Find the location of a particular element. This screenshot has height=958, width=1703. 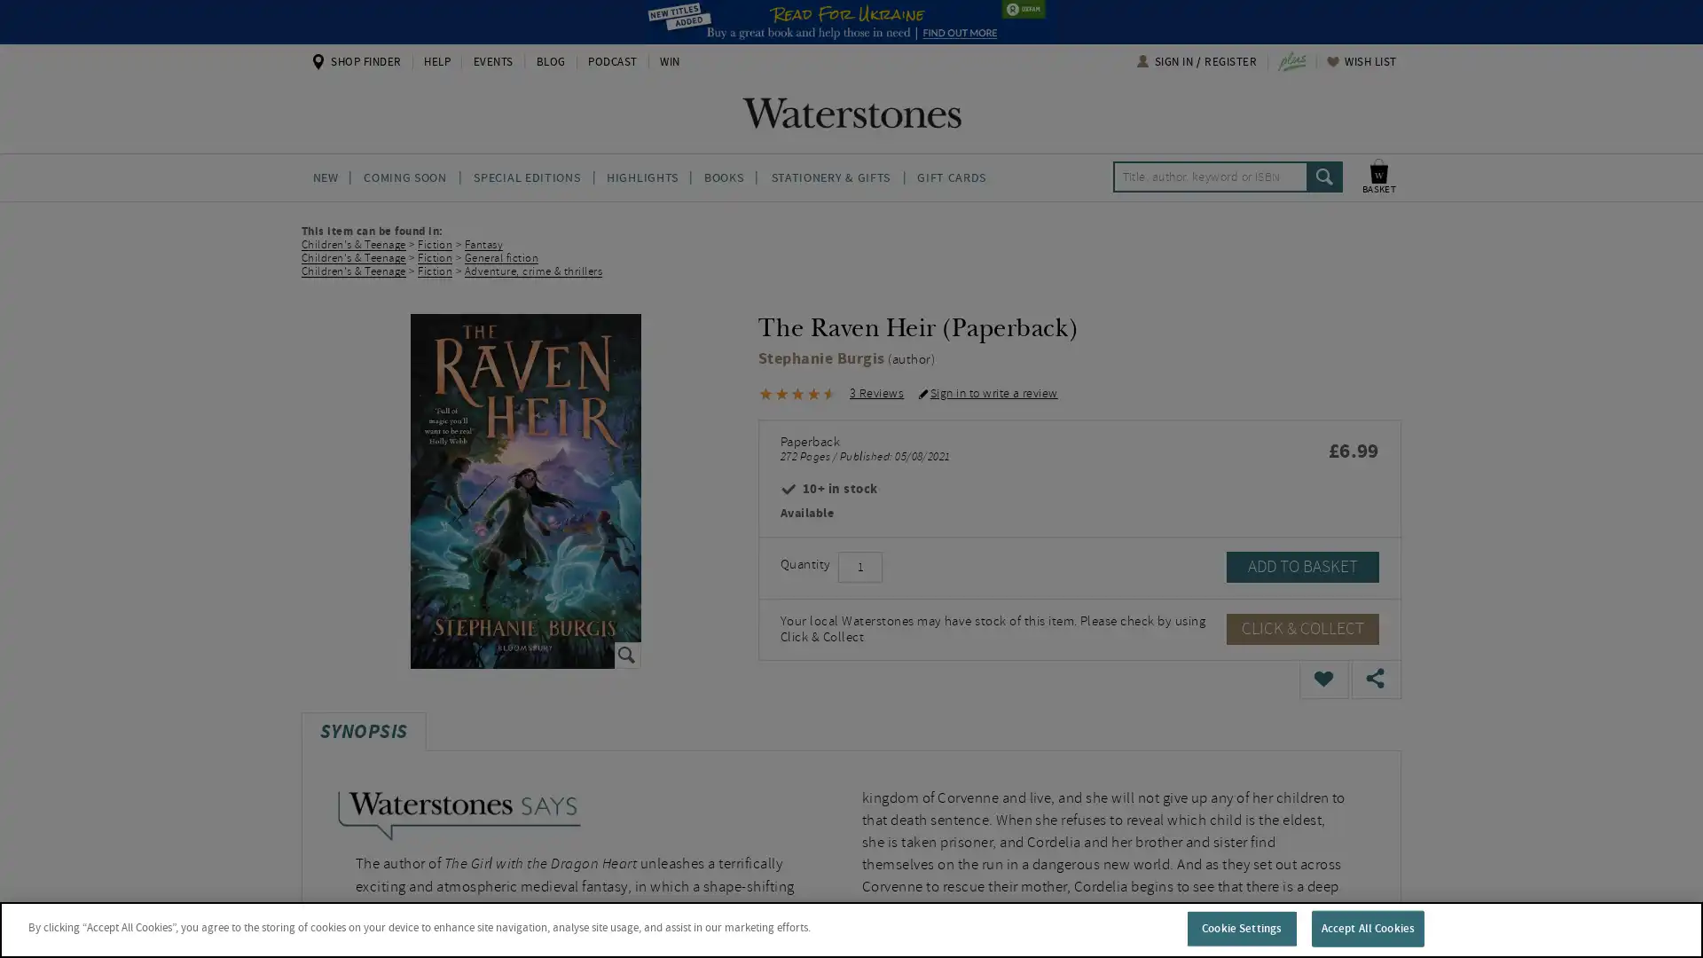

Accept All Cookies is located at coordinates (1366, 927).